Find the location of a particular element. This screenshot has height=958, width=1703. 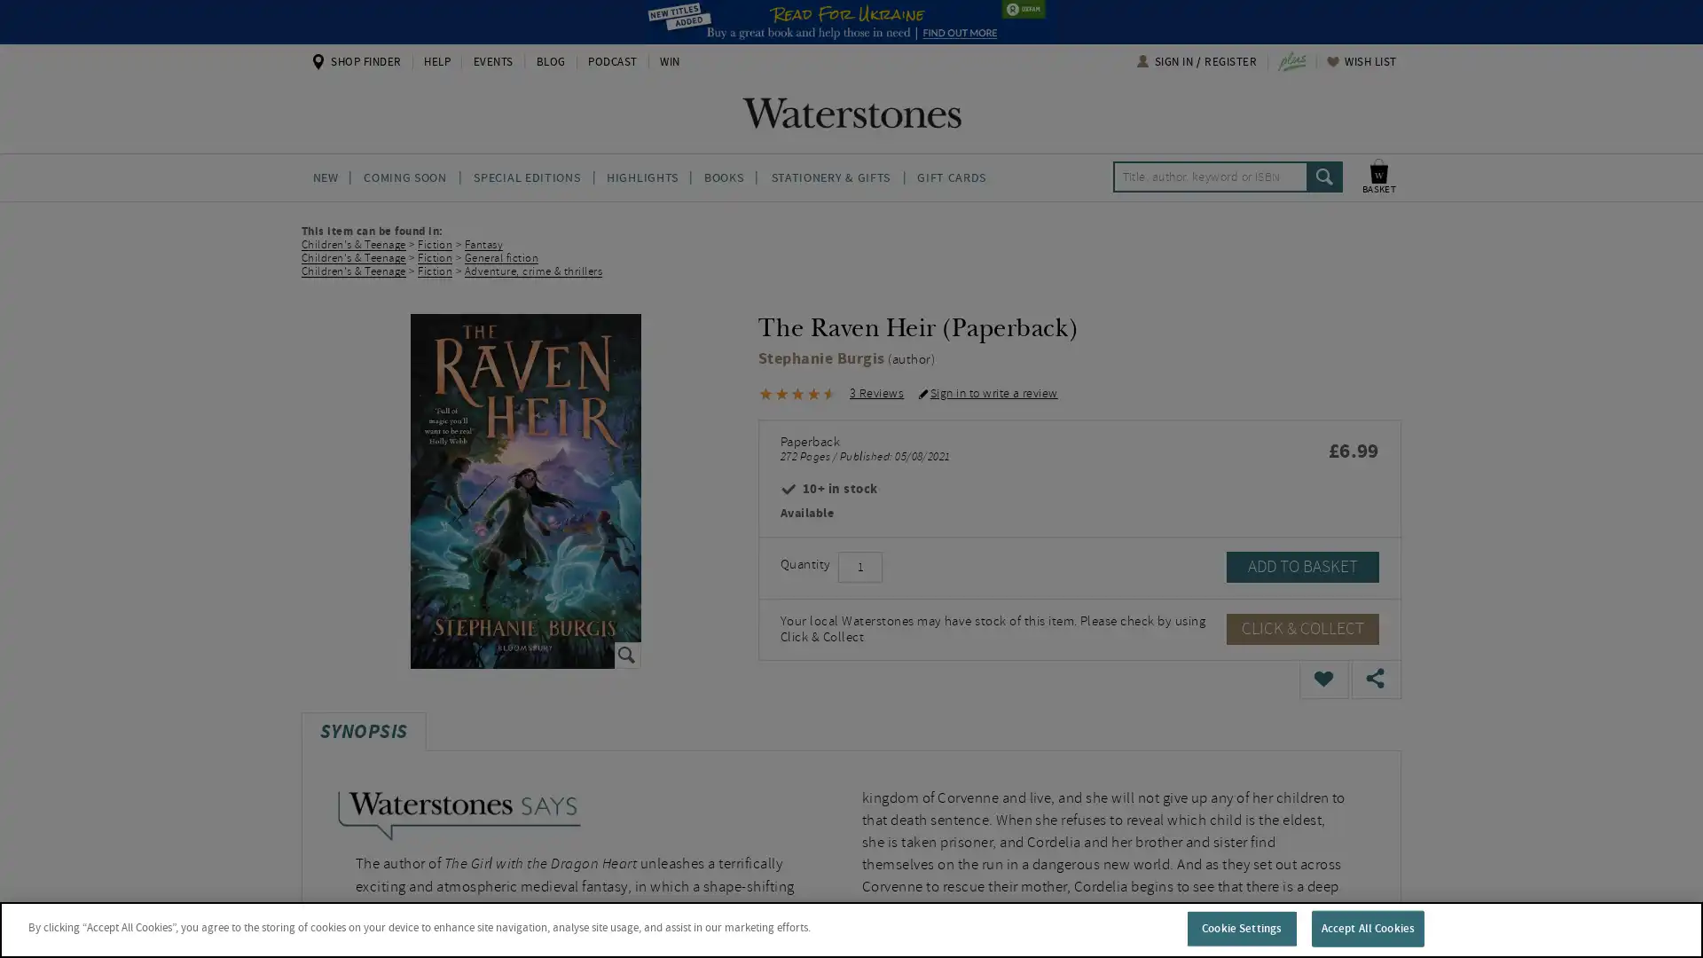

Accept All Cookies is located at coordinates (1366, 927).